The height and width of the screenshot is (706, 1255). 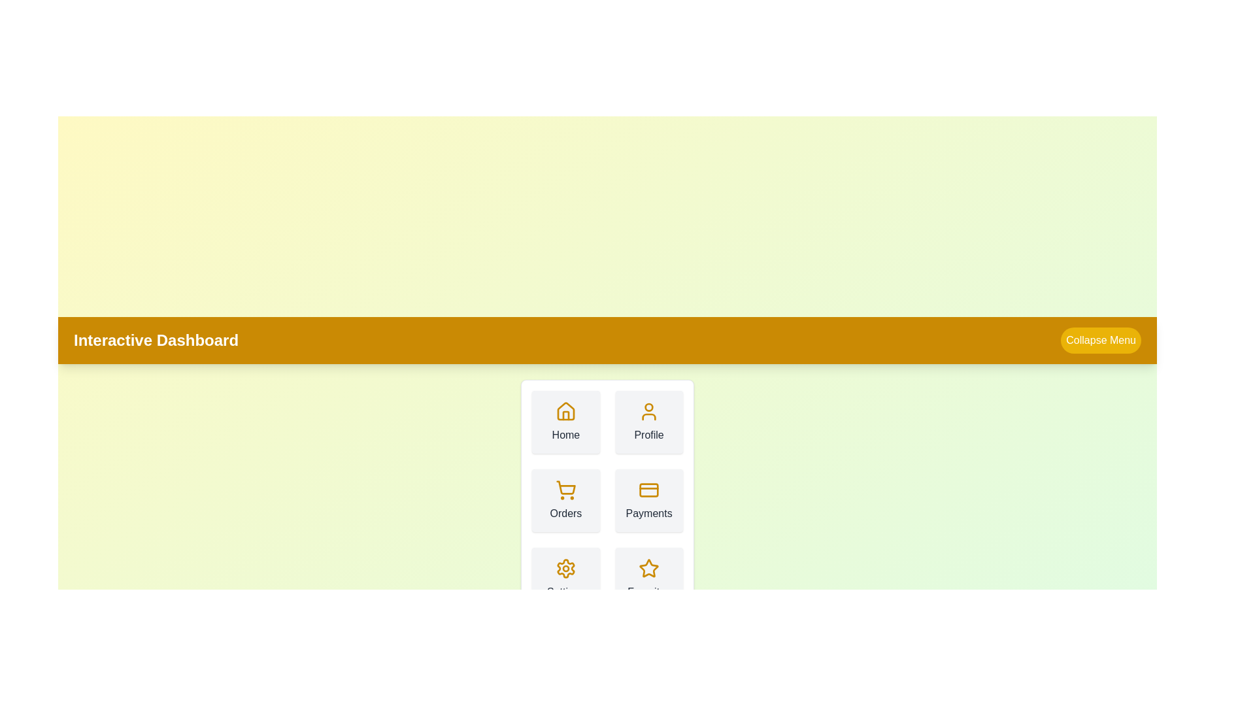 What do you see at coordinates (565, 422) in the screenshot?
I see `the 'Home' button in the menu` at bounding box center [565, 422].